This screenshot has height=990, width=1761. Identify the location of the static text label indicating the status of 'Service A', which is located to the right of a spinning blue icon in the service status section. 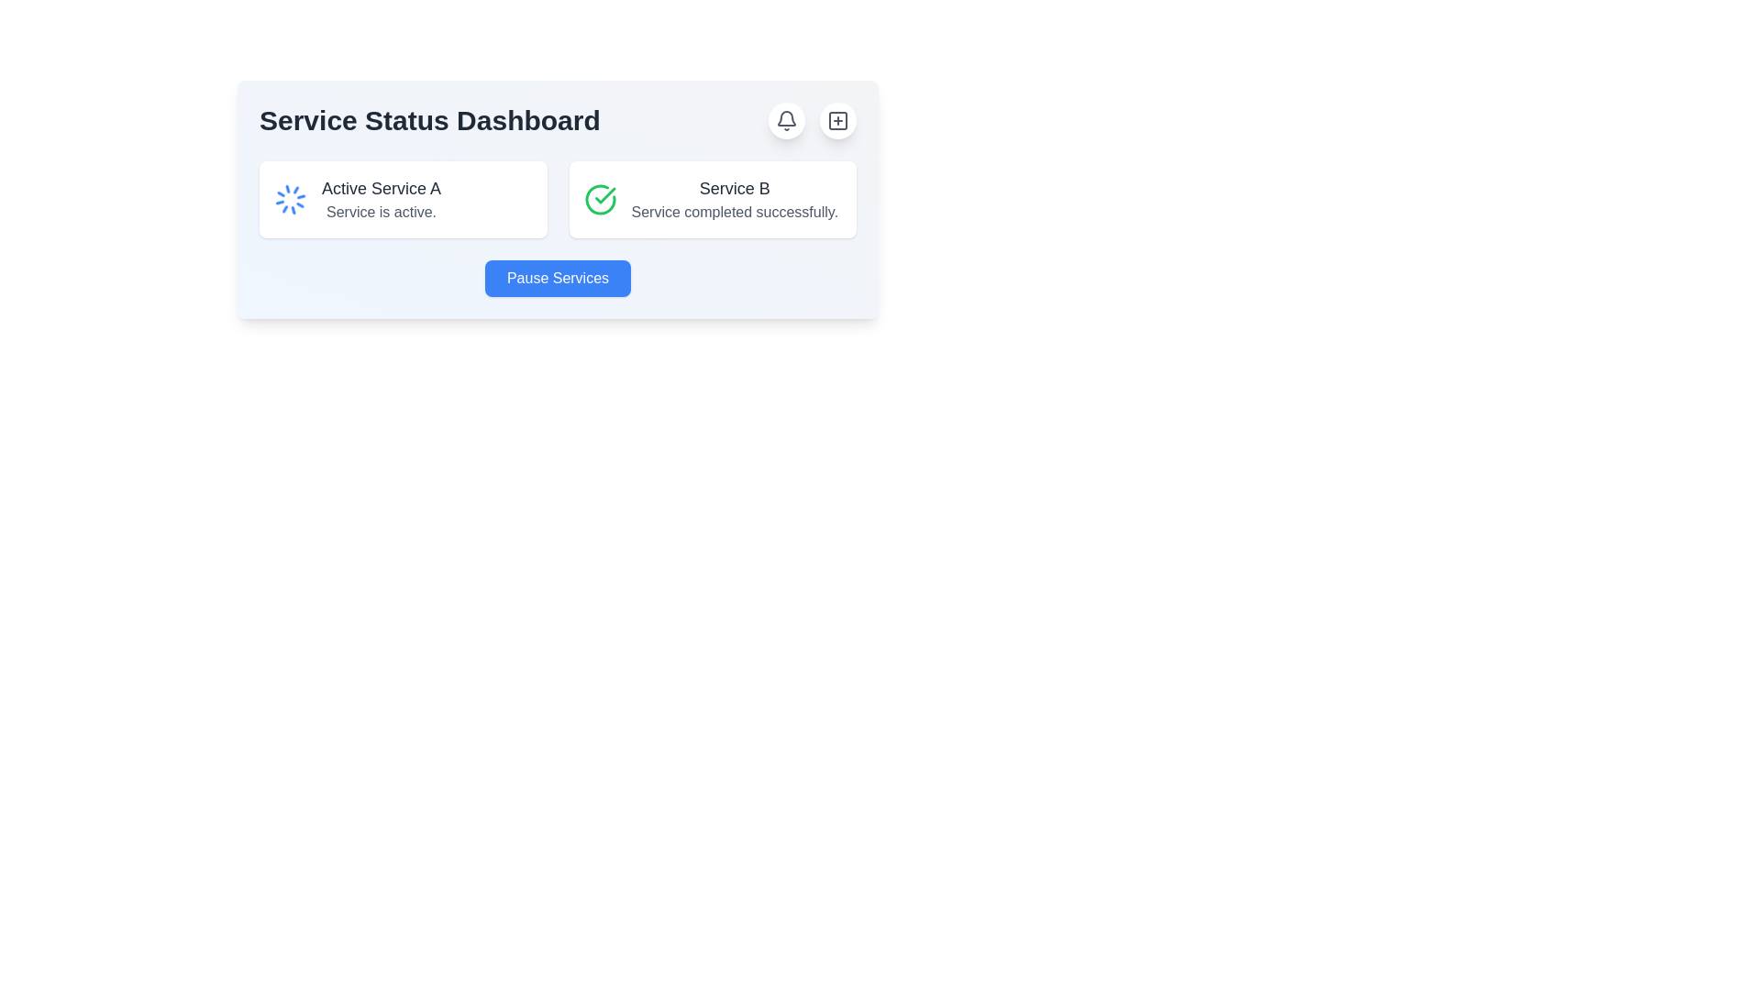
(381, 200).